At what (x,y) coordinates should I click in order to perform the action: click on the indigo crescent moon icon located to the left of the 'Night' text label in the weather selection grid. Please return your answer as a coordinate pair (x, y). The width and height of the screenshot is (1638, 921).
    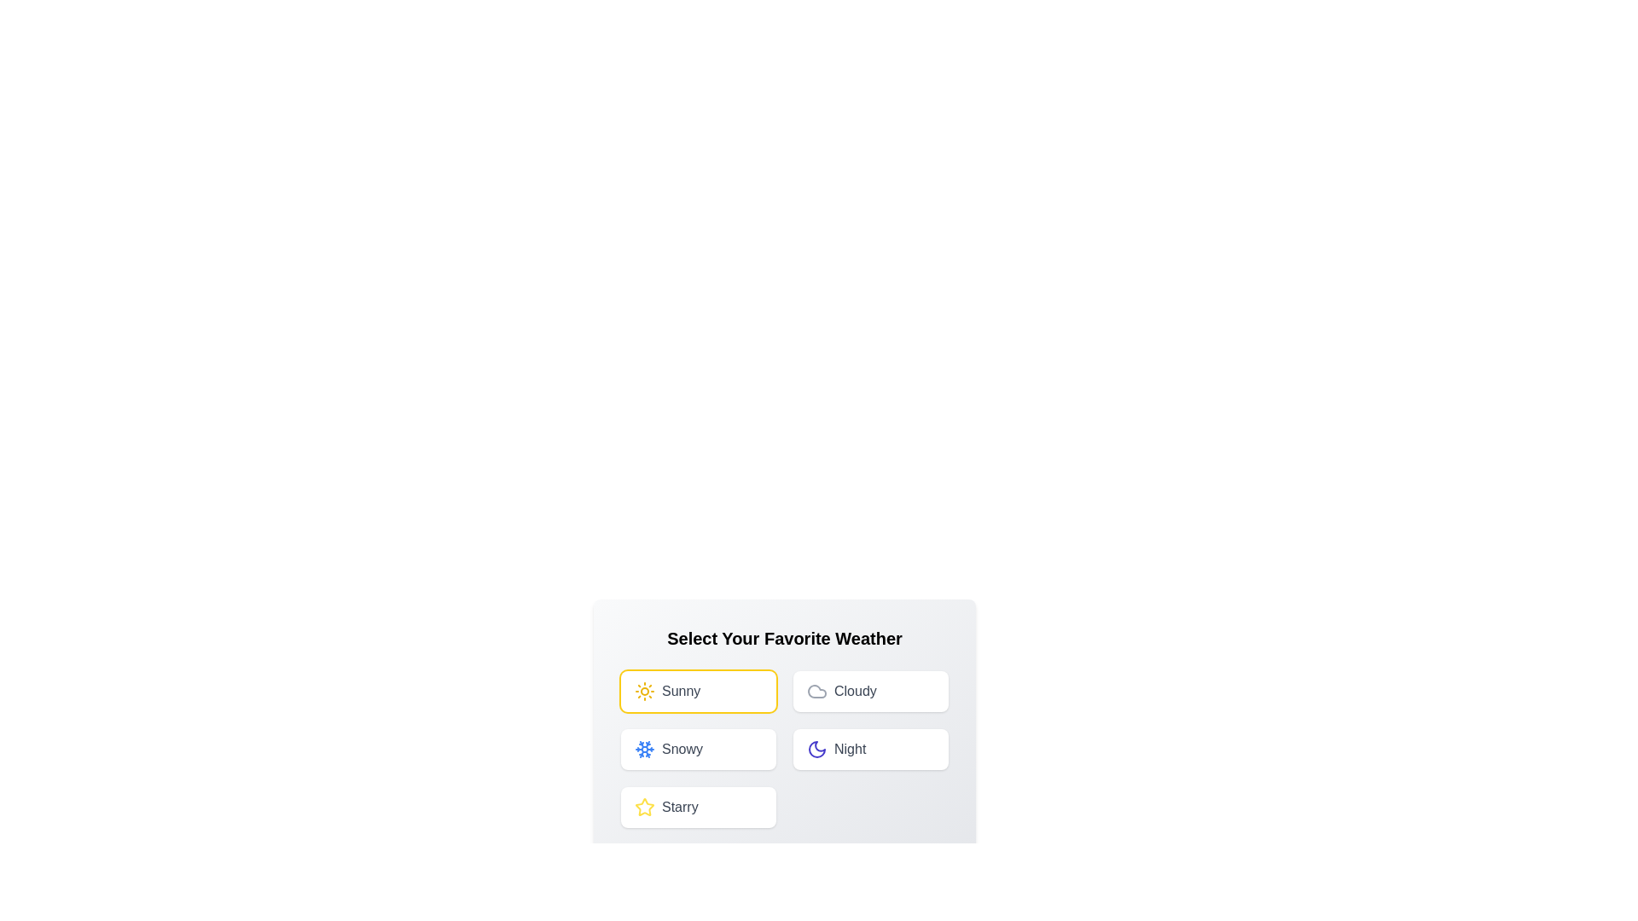
    Looking at the image, I should click on (816, 749).